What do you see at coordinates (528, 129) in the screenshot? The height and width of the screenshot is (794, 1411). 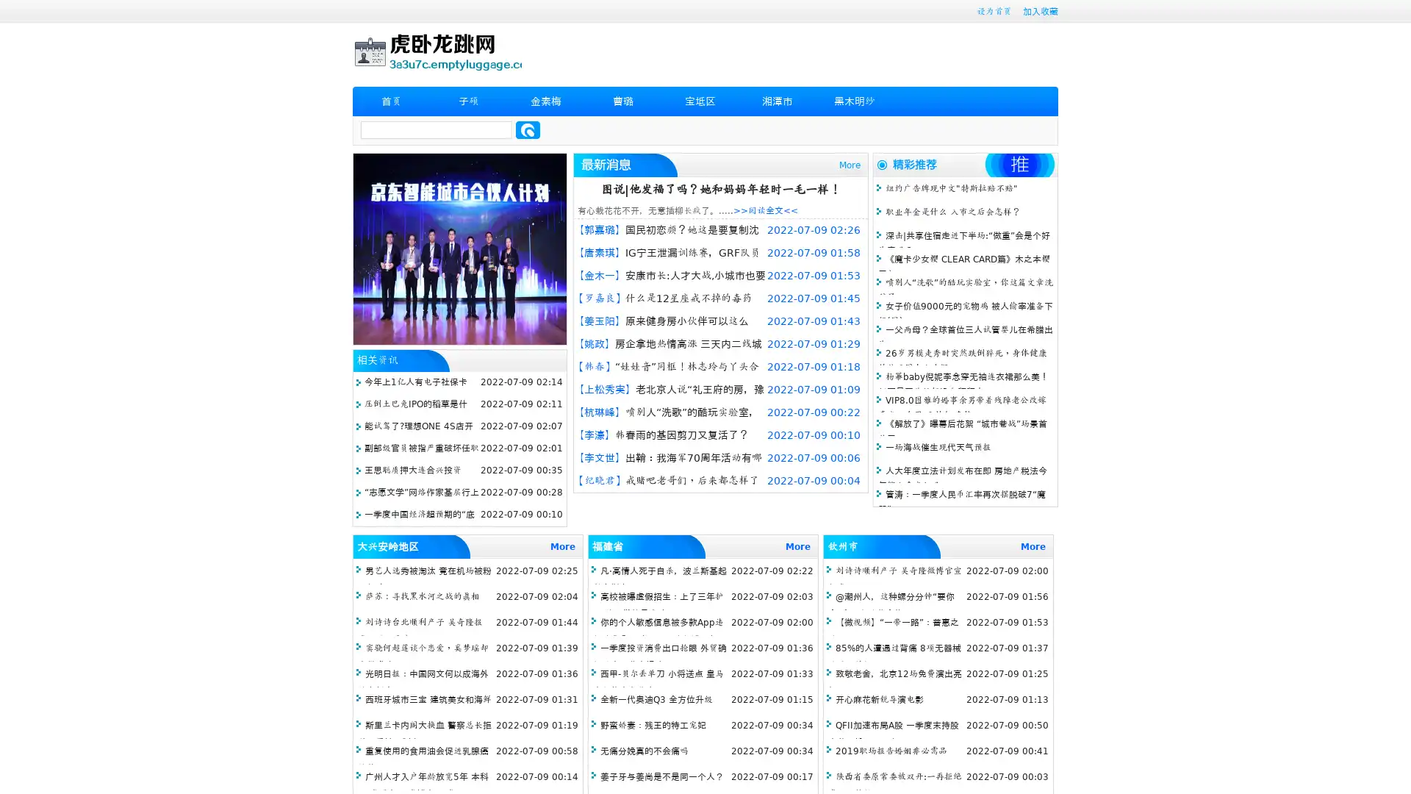 I see `Search` at bounding box center [528, 129].